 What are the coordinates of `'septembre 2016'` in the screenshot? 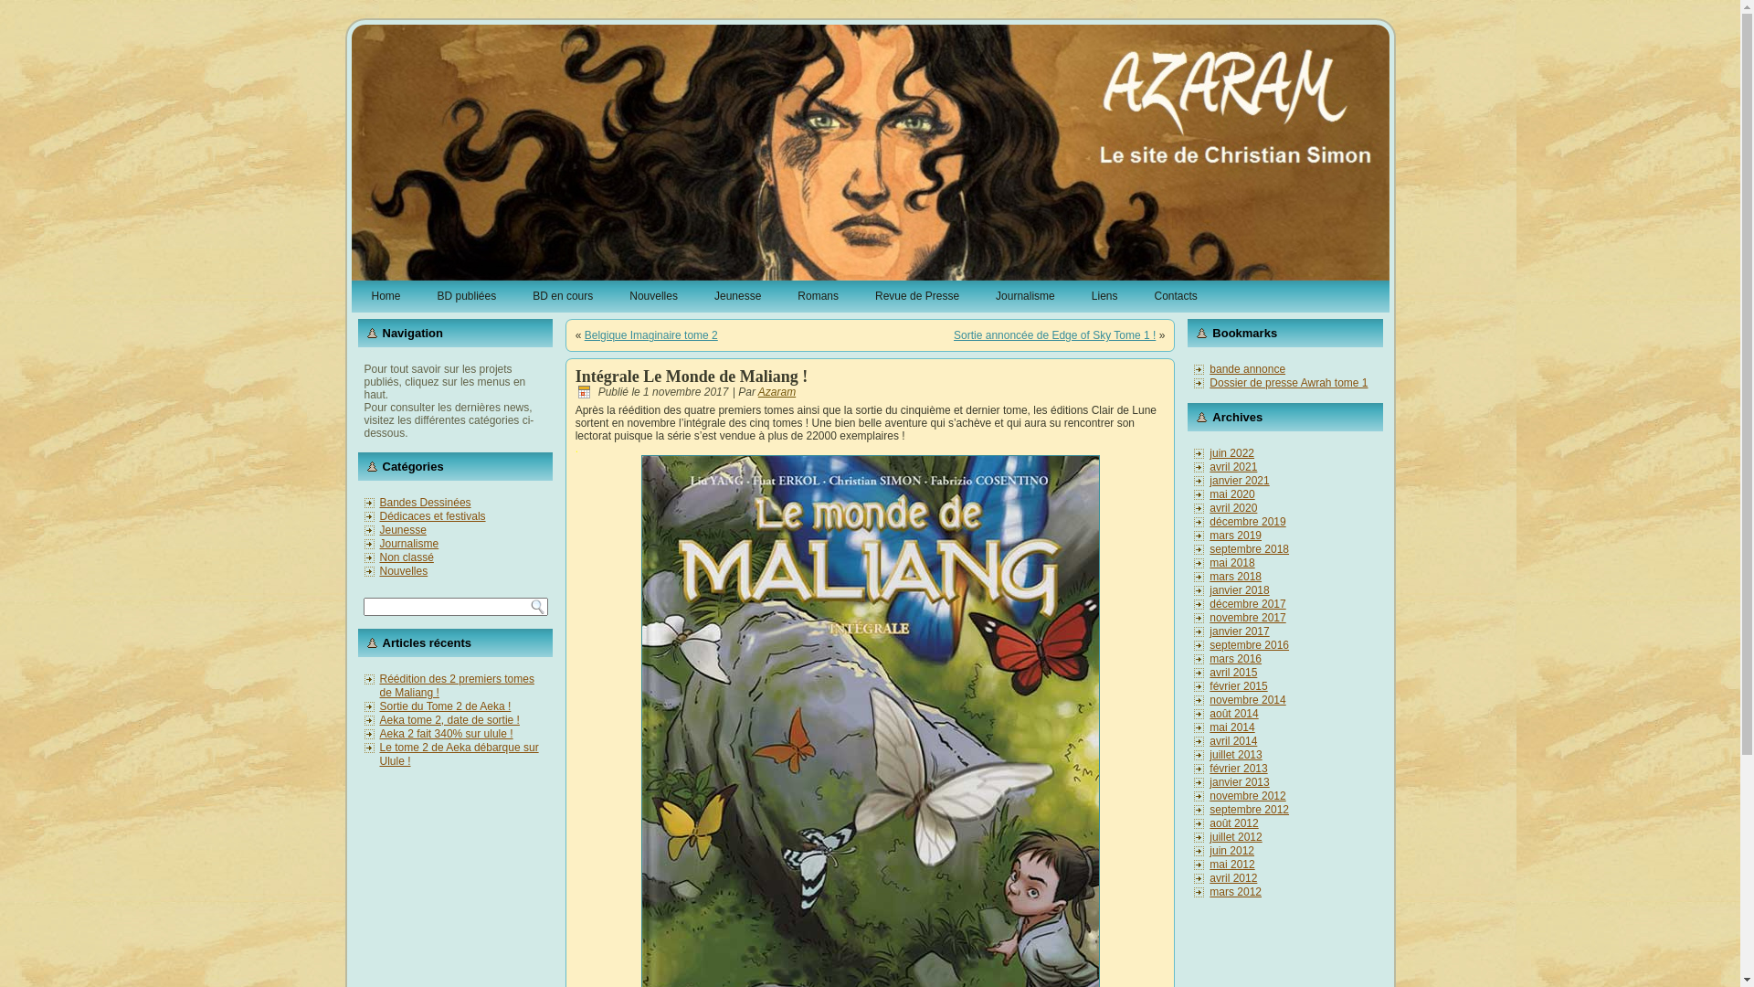 It's located at (1210, 643).